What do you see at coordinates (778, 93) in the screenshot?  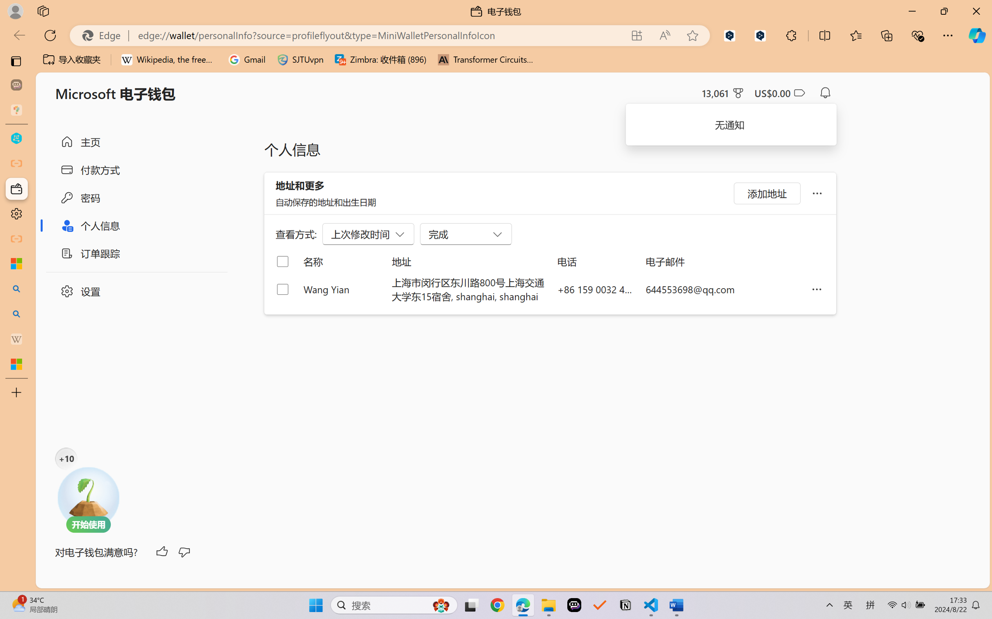 I see `'Microsoft Cashback - US$0.00'` at bounding box center [778, 93].